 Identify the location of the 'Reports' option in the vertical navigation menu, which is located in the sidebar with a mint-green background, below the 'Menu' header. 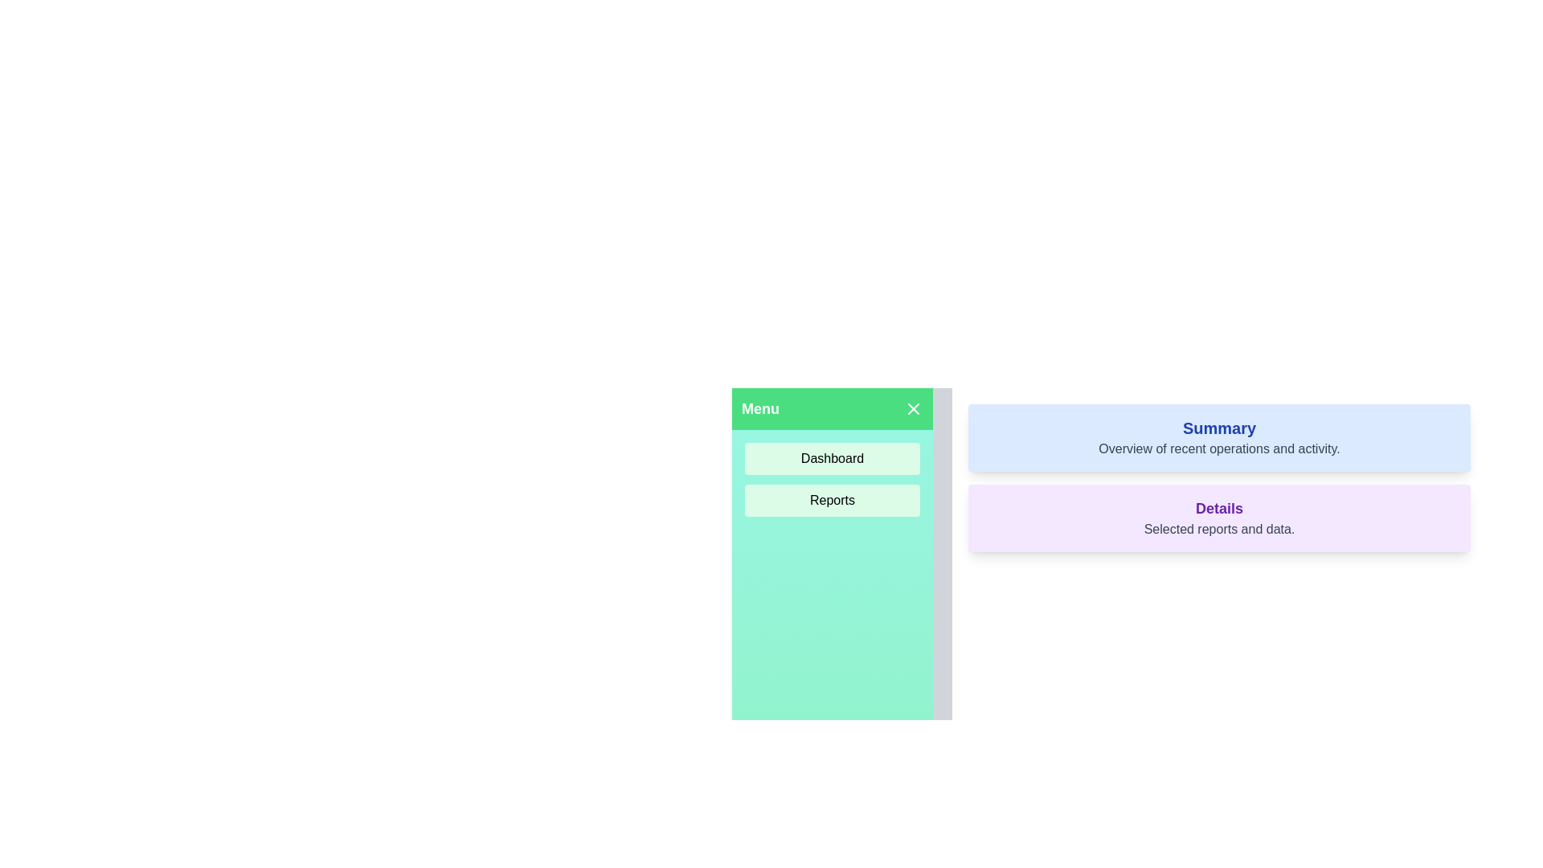
(833, 479).